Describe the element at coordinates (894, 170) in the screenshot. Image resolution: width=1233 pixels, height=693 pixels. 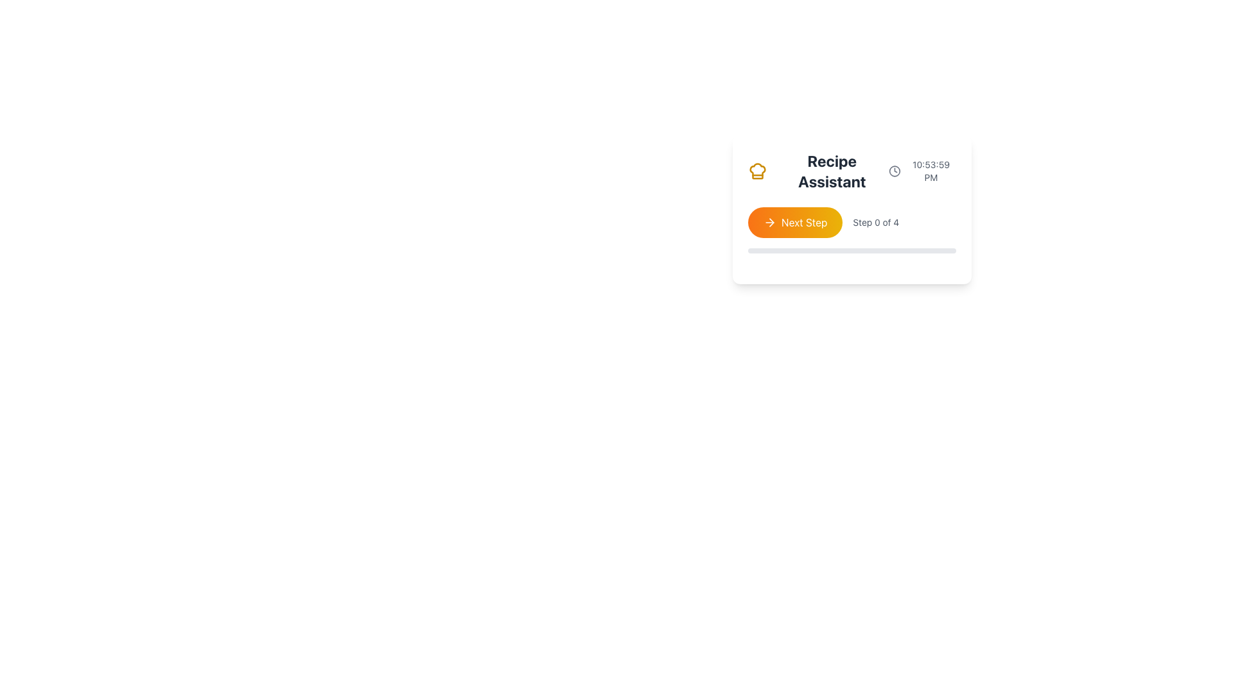
I see `the circular graphical shape that forms part of the clock icon located at the top-right section of the user interface card` at that location.